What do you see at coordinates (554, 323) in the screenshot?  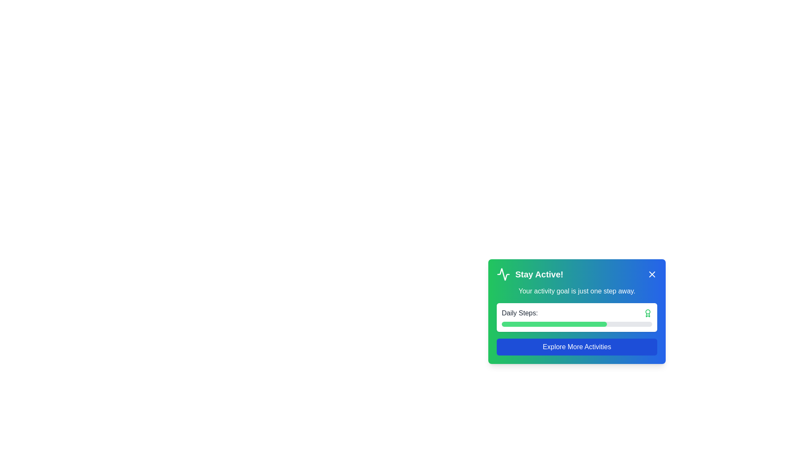 I see `the progress bar to inspect its state` at bounding box center [554, 323].